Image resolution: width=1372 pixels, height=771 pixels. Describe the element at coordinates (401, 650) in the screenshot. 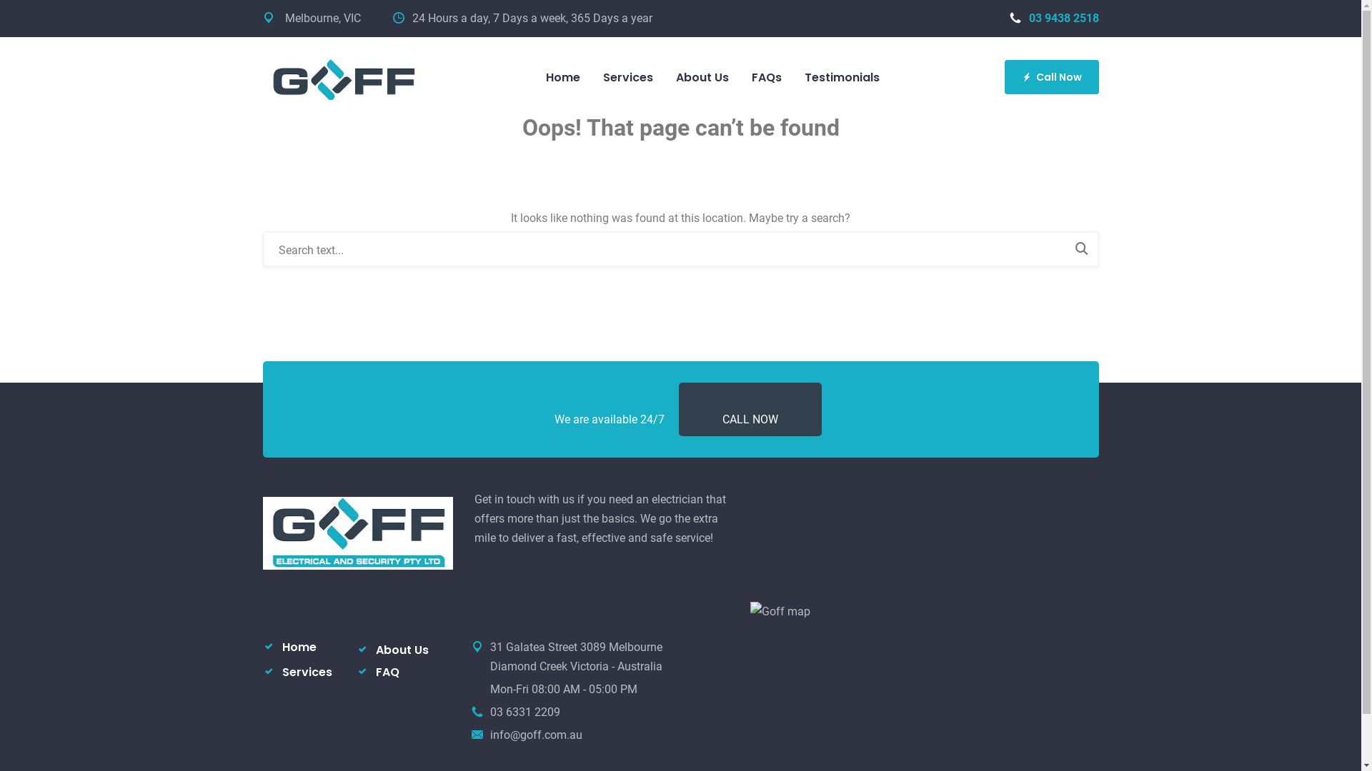

I see `'About Us'` at that location.